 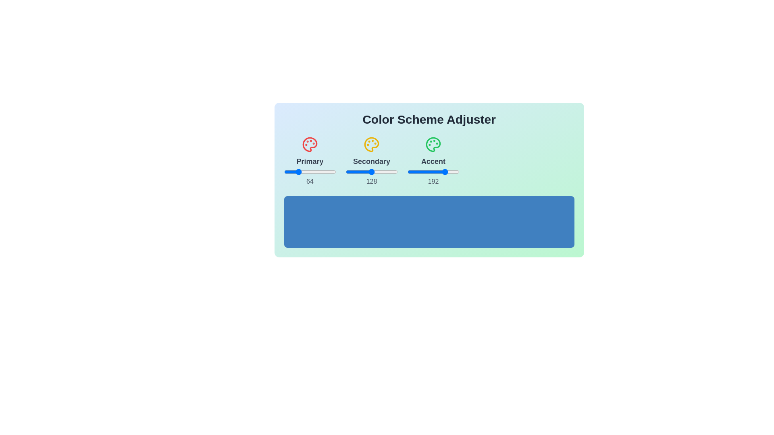 I want to click on the 1 slider to 62, so click(x=296, y=172).